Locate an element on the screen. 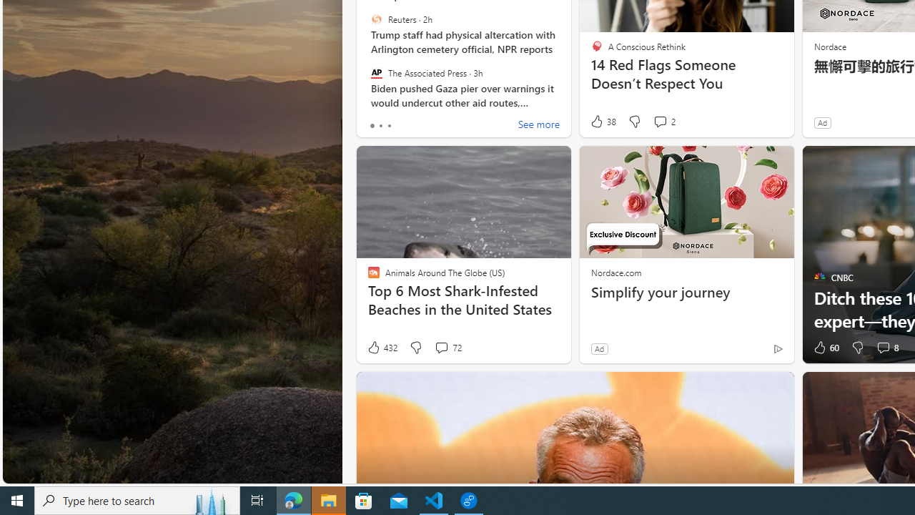 This screenshot has height=515, width=915. 'View comments 72 Comment' is located at coordinates (440, 348).